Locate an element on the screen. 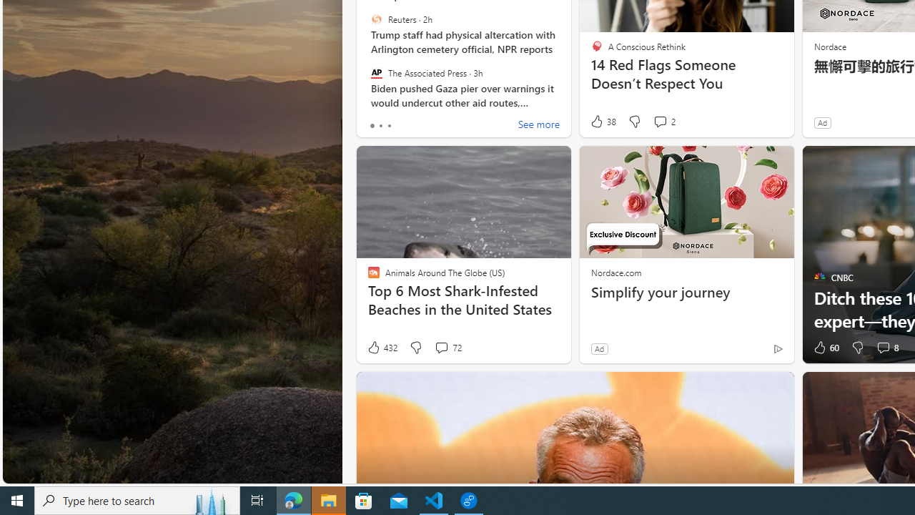 This screenshot has height=515, width=915. 'View comments 72 Comment' is located at coordinates (440, 348).